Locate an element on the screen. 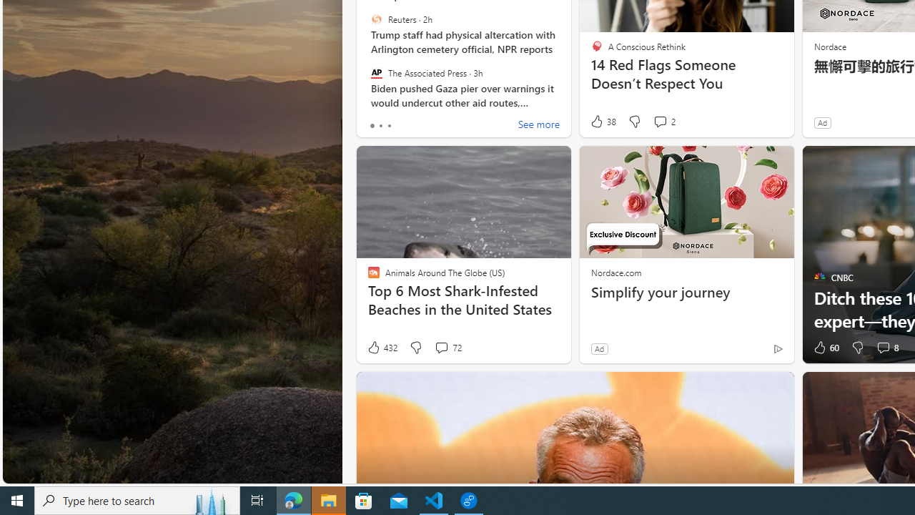 This screenshot has height=515, width=915. 'View comments 72 Comment' is located at coordinates (440, 348).